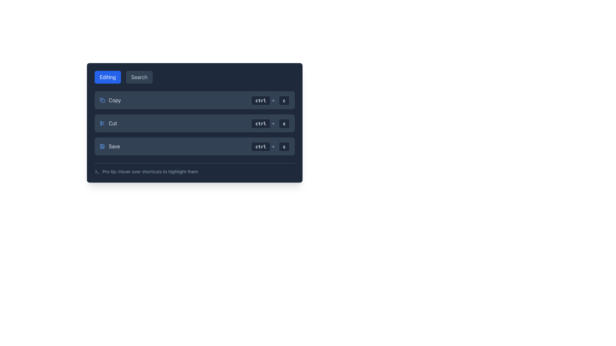  What do you see at coordinates (284, 146) in the screenshot?
I see `the 's' key in the keyboard shortcut 'ctrl + s', which is located in the last row of a list of shortcut definitions` at bounding box center [284, 146].